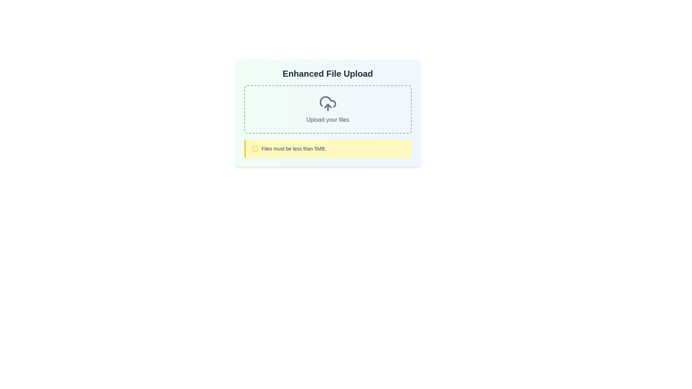 This screenshot has width=692, height=389. What do you see at coordinates (327, 106) in the screenshot?
I see `the cloud upload SVG icon element, which is represented by an arrow symbolizing upward motion for file uploads, located at the center of the SVG, slightly below the cloud outline` at bounding box center [327, 106].